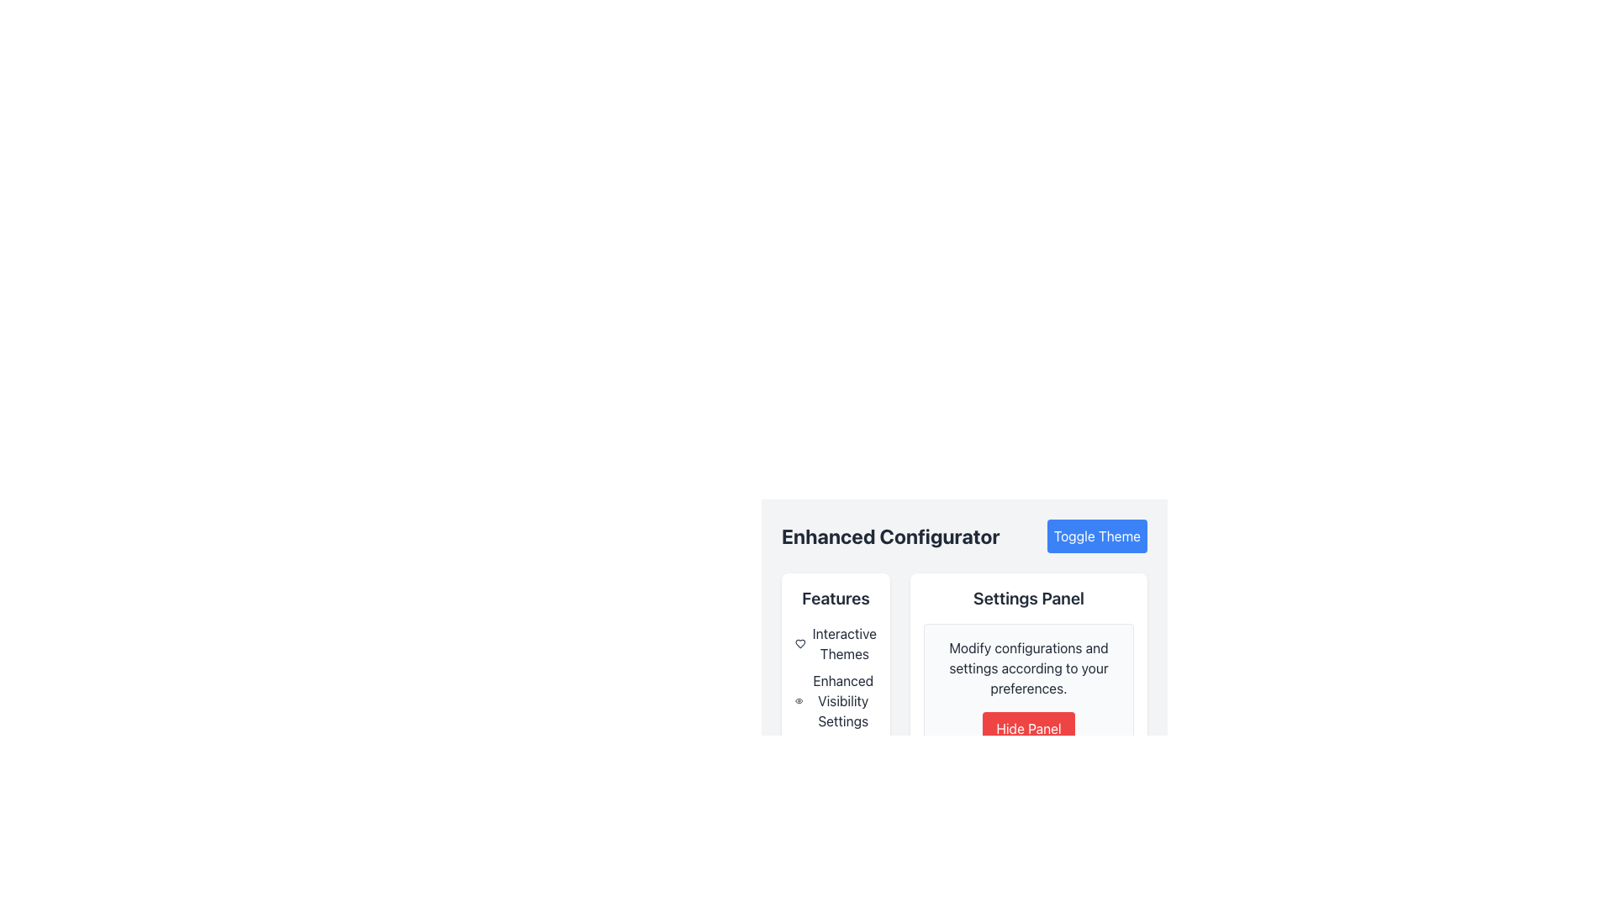  Describe the element at coordinates (799, 643) in the screenshot. I see `the heart icon, which is the second icon in the vertical list under the 'Features' section on the left side of the interface` at that location.